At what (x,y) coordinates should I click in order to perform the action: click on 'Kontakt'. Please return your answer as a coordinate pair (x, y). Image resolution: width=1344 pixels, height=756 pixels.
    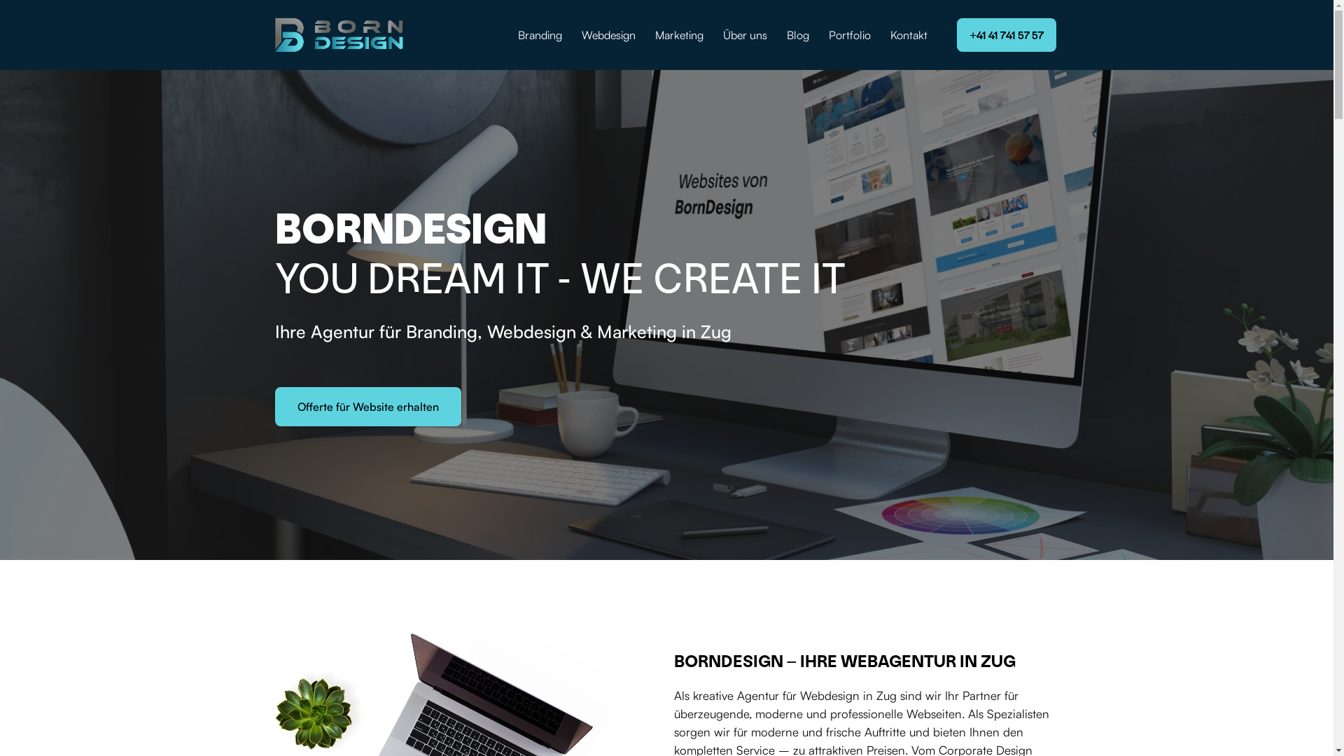
    Looking at the image, I should click on (909, 34).